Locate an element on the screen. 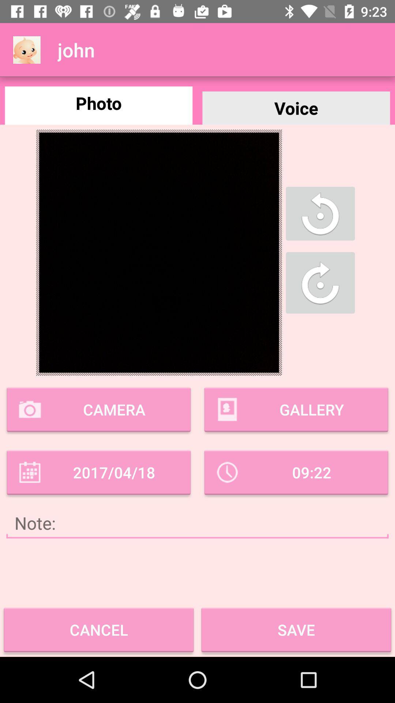  the refresh icon is located at coordinates (320, 213).